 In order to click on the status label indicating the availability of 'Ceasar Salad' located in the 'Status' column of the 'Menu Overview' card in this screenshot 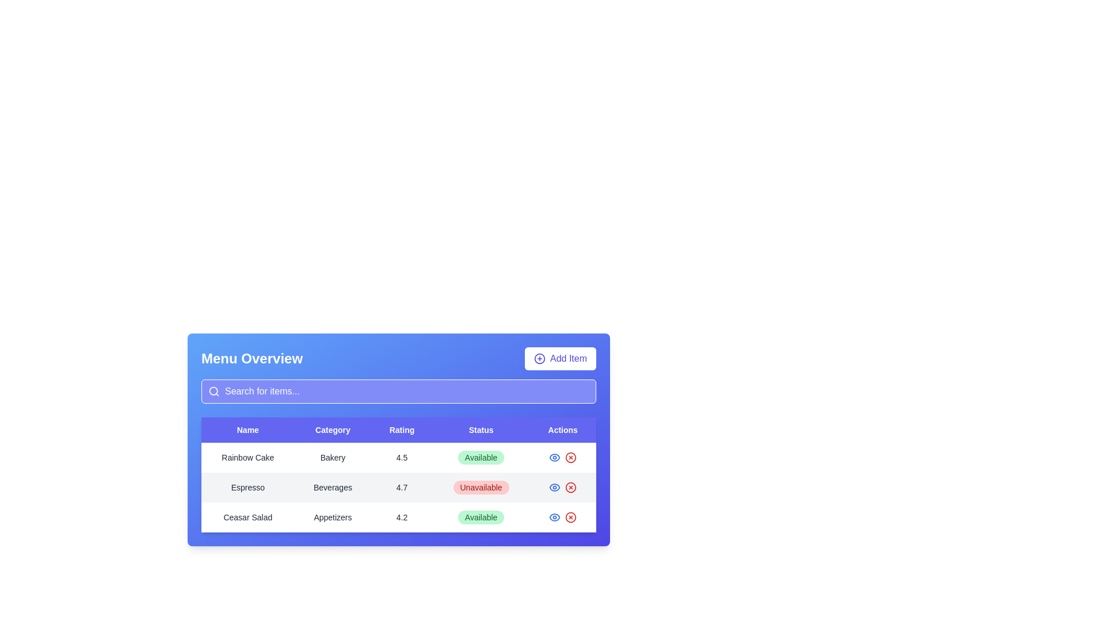, I will do `click(481, 516)`.